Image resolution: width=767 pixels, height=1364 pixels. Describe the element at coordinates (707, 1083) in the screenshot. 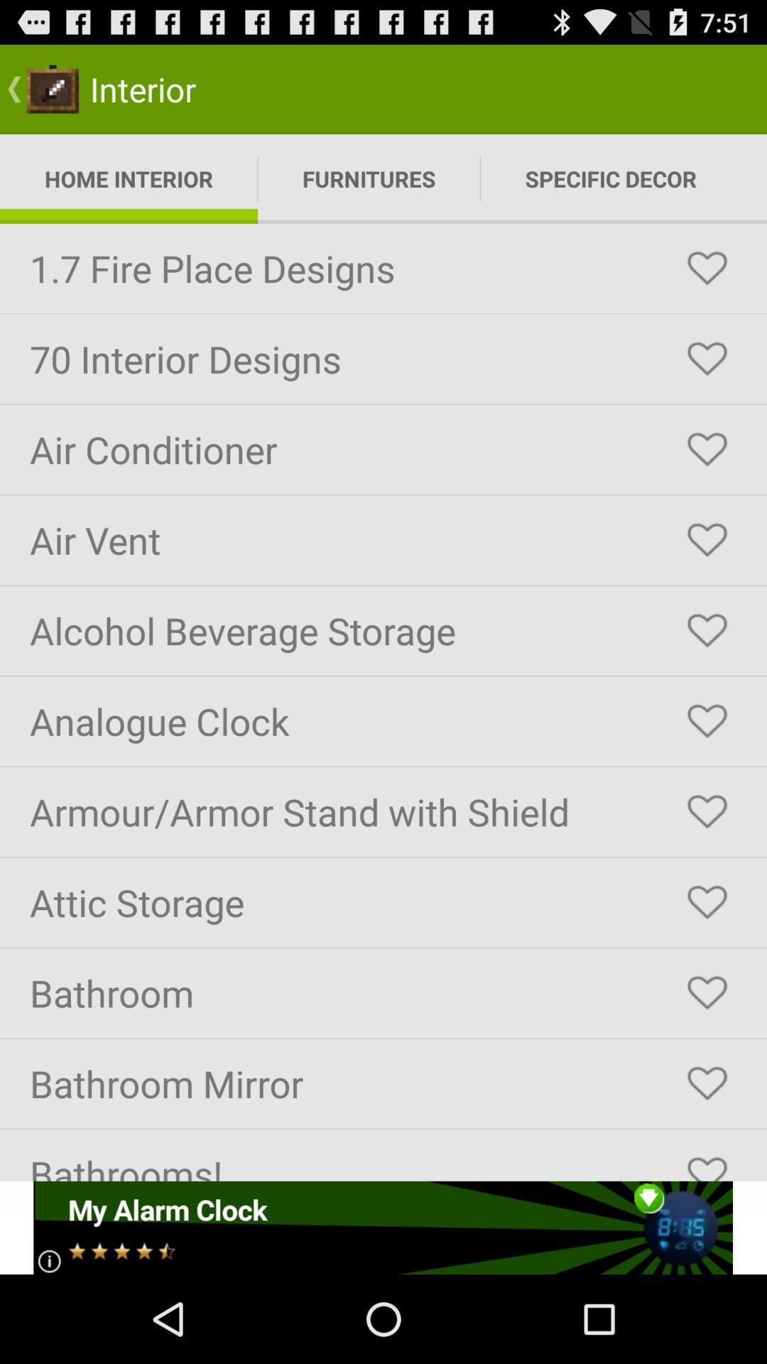

I see `heart this selection` at that location.